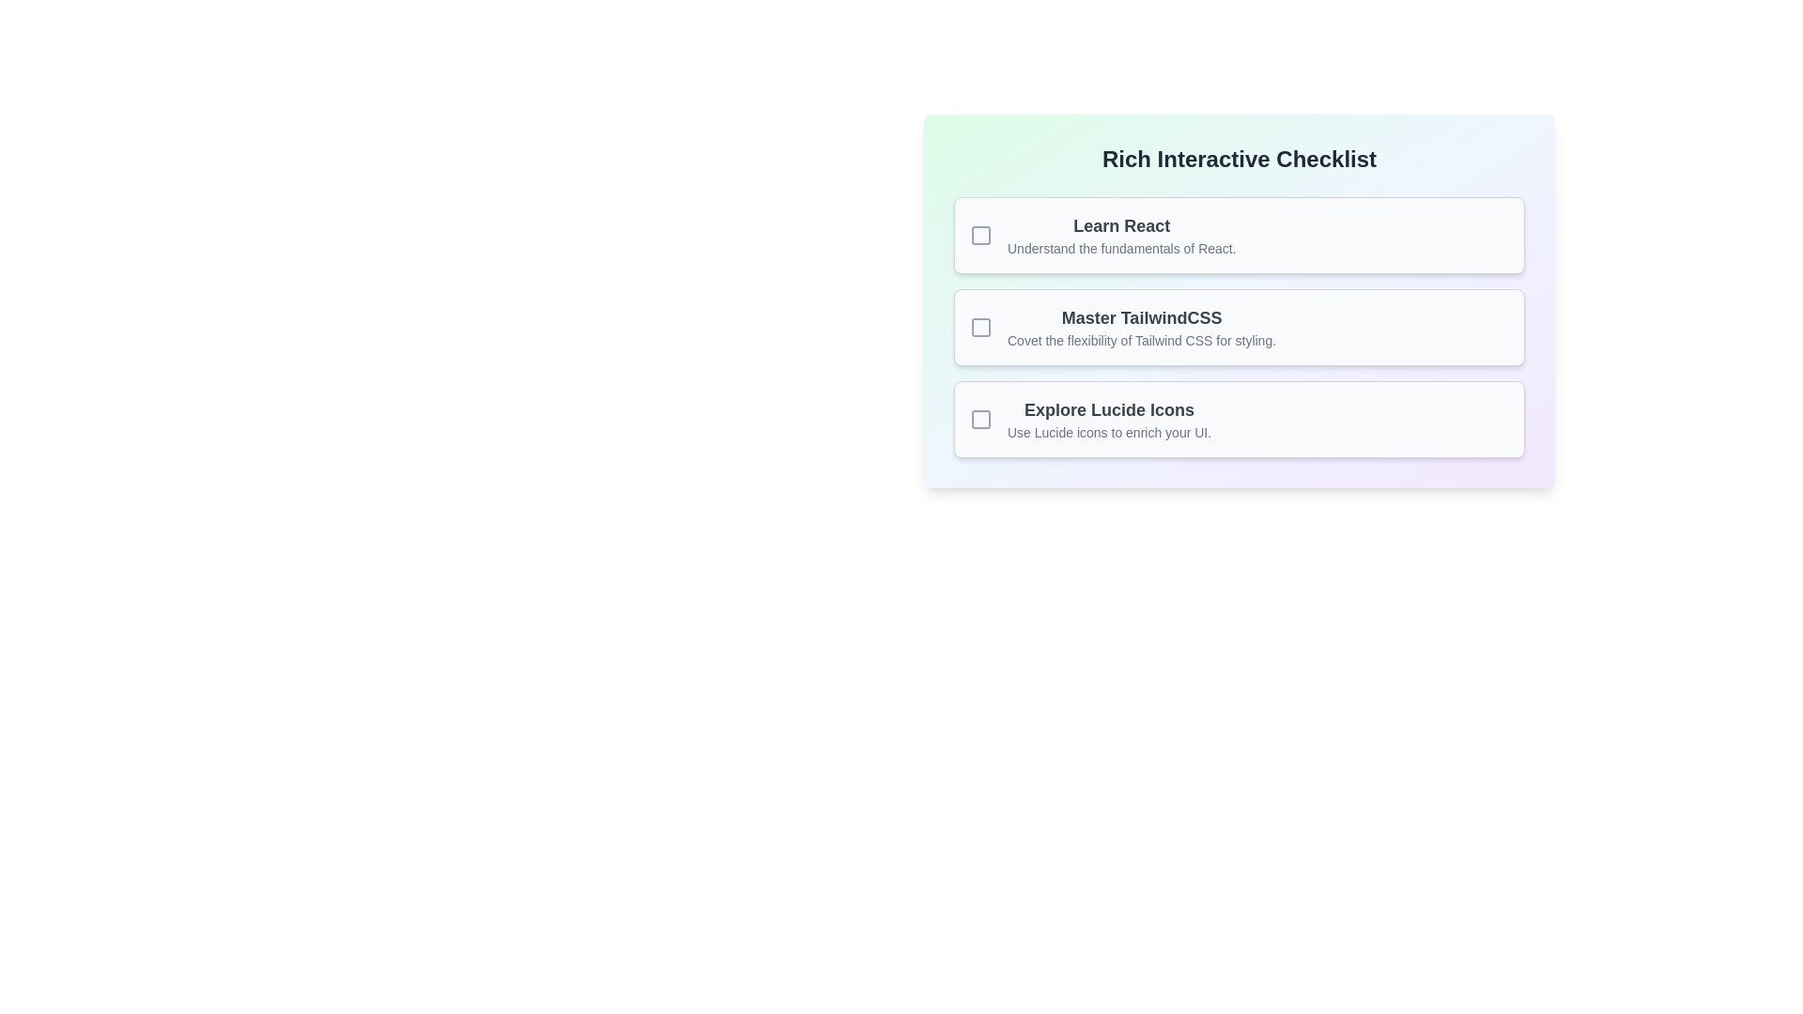  Describe the element at coordinates (1109, 419) in the screenshot. I see `the third item in the checklist interface, which is a text block with a heading and a descriptive subheading, if it is interactive` at that location.